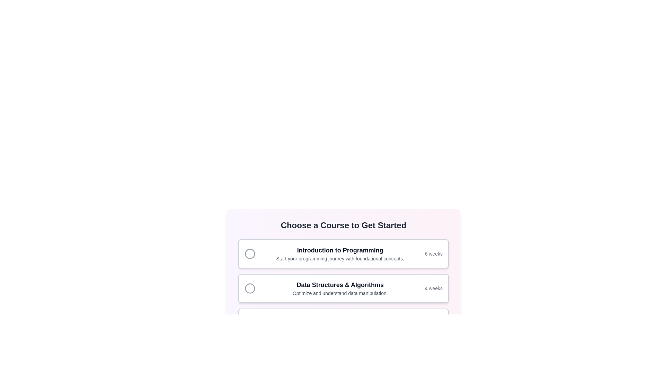  What do you see at coordinates (433, 288) in the screenshot?
I see `the informational text label indicating the duration of the course 'Data Structures & Algorithms', located in the bottom-right corner of the card` at bounding box center [433, 288].